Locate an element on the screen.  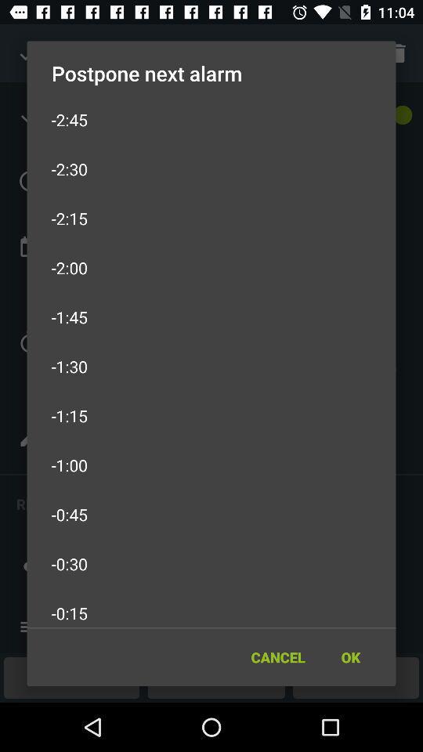
the cancel item is located at coordinates (277, 657).